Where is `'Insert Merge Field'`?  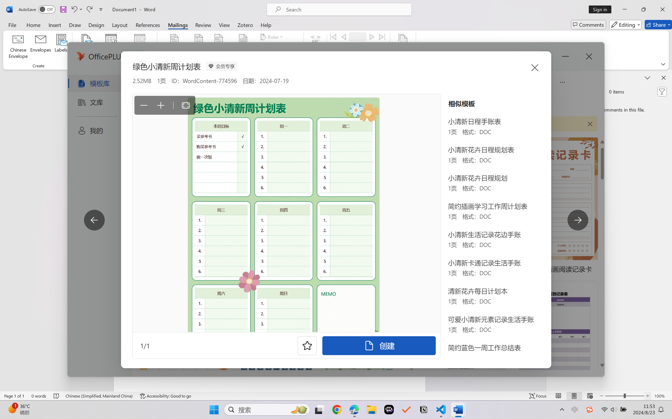 'Insert Merge Field' is located at coordinates (243, 40).